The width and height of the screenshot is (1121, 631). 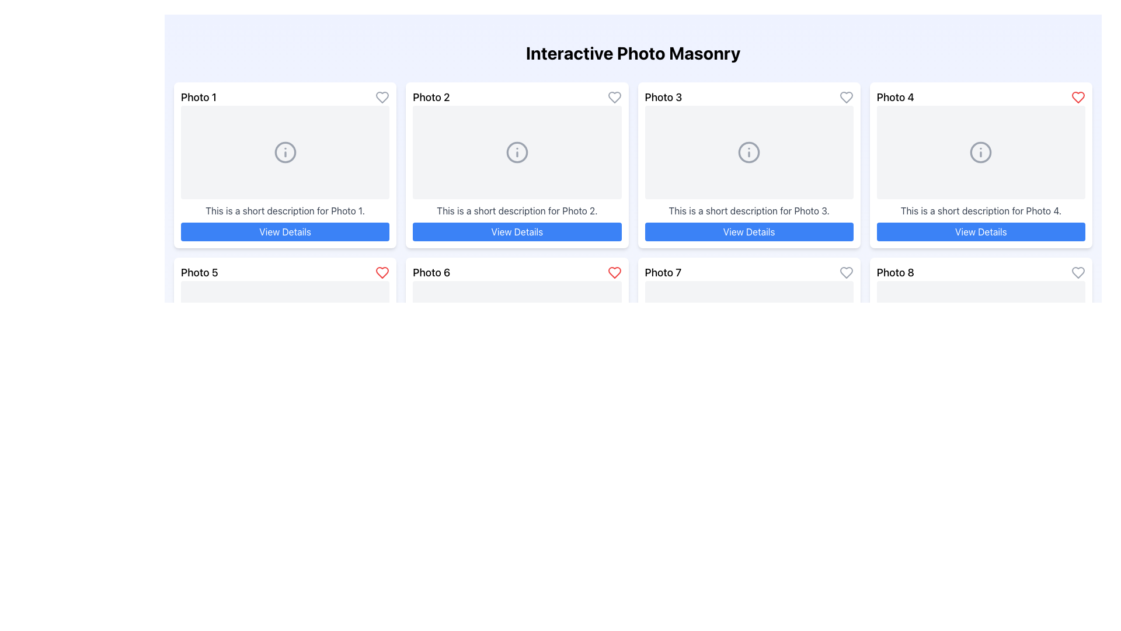 I want to click on the vibrant red heart icon button in the top-right corner of the 'Photo 4' card, so click(x=1078, y=96).